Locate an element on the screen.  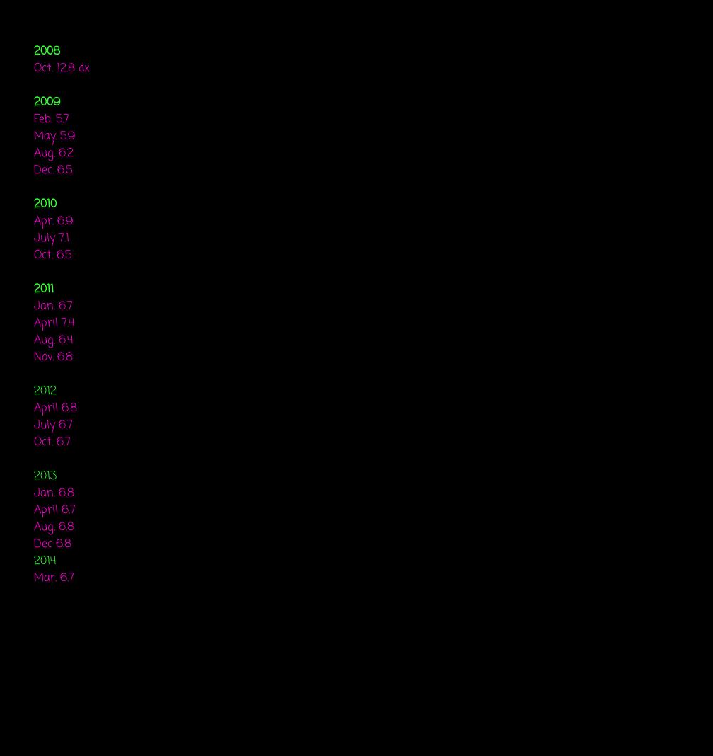
'Aug. 6.8' is located at coordinates (54, 527).